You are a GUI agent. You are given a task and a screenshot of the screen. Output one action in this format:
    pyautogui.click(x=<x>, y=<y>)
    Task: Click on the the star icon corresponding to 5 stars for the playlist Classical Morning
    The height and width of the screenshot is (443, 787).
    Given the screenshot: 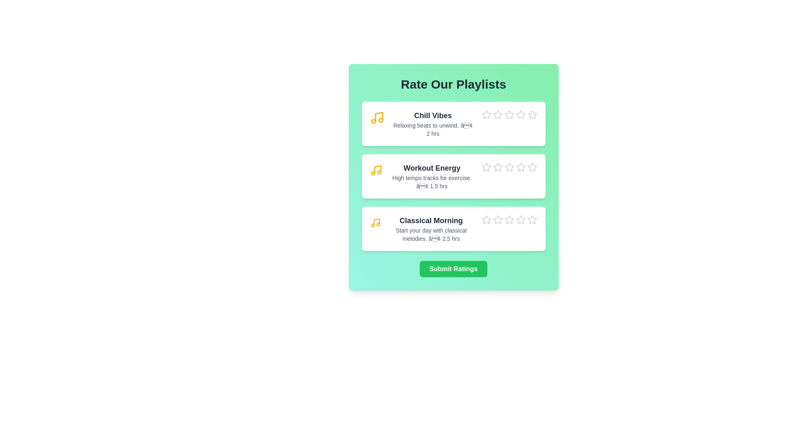 What is the action you would take?
    pyautogui.click(x=527, y=215)
    